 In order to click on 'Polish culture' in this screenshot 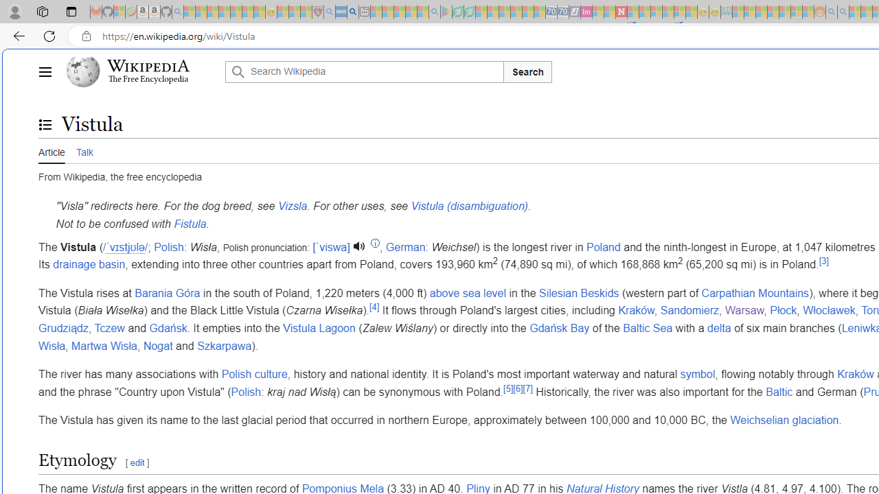, I will do `click(254, 375)`.